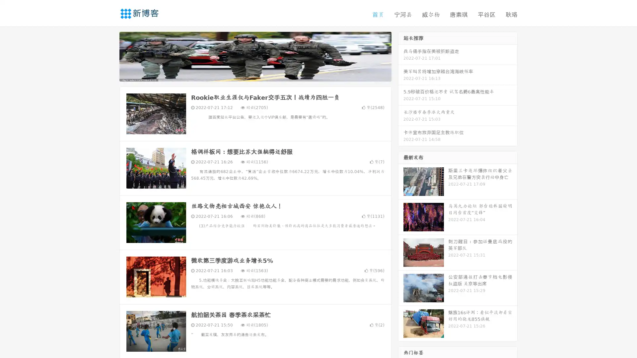 This screenshot has width=637, height=358. Describe the element at coordinates (109, 56) in the screenshot. I see `Previous slide` at that location.